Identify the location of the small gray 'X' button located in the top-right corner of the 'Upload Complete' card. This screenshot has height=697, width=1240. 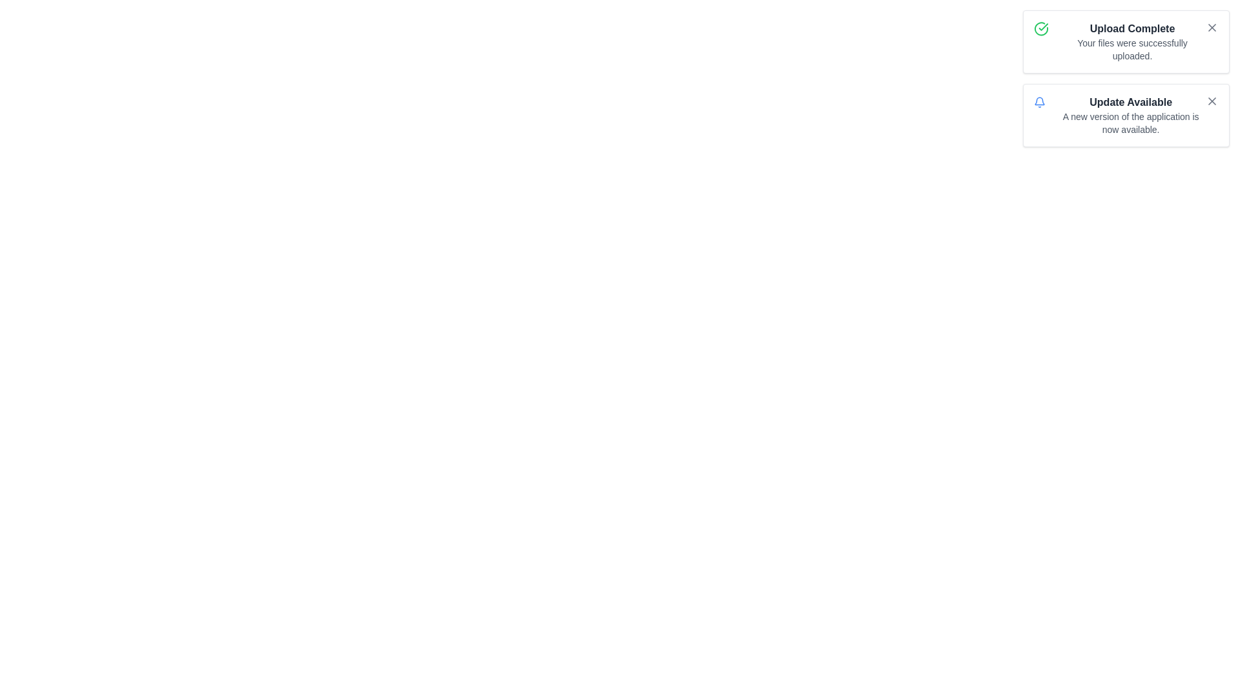
(1211, 27).